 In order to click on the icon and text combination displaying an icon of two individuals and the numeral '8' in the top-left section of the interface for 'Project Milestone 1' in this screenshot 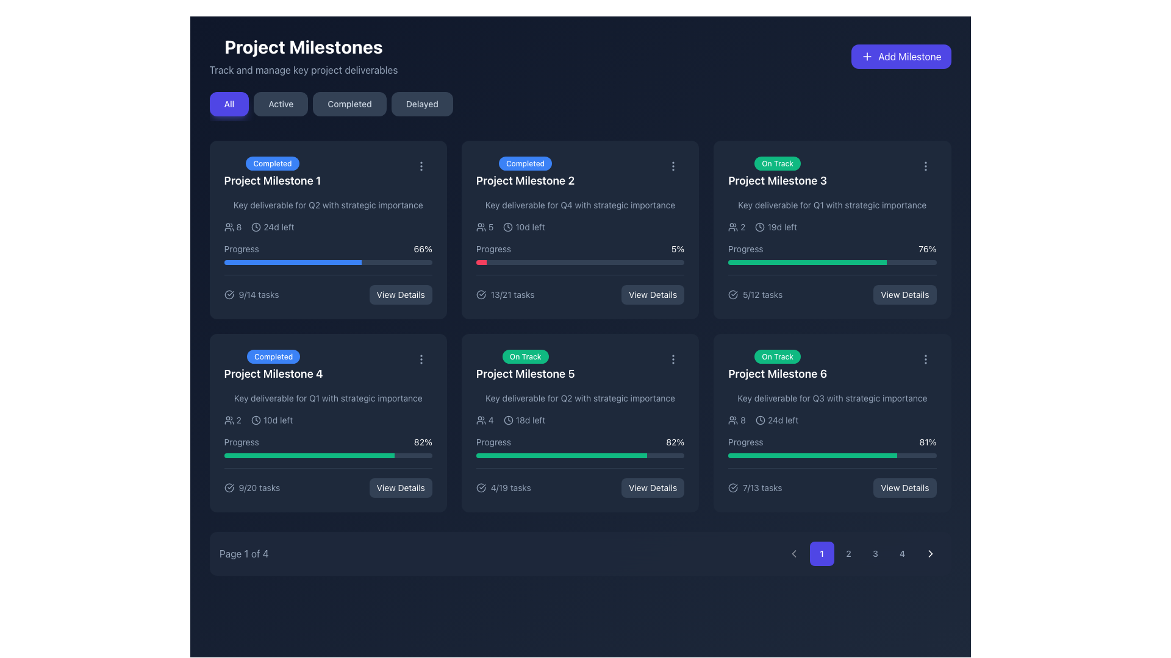, I will do `click(232, 227)`.